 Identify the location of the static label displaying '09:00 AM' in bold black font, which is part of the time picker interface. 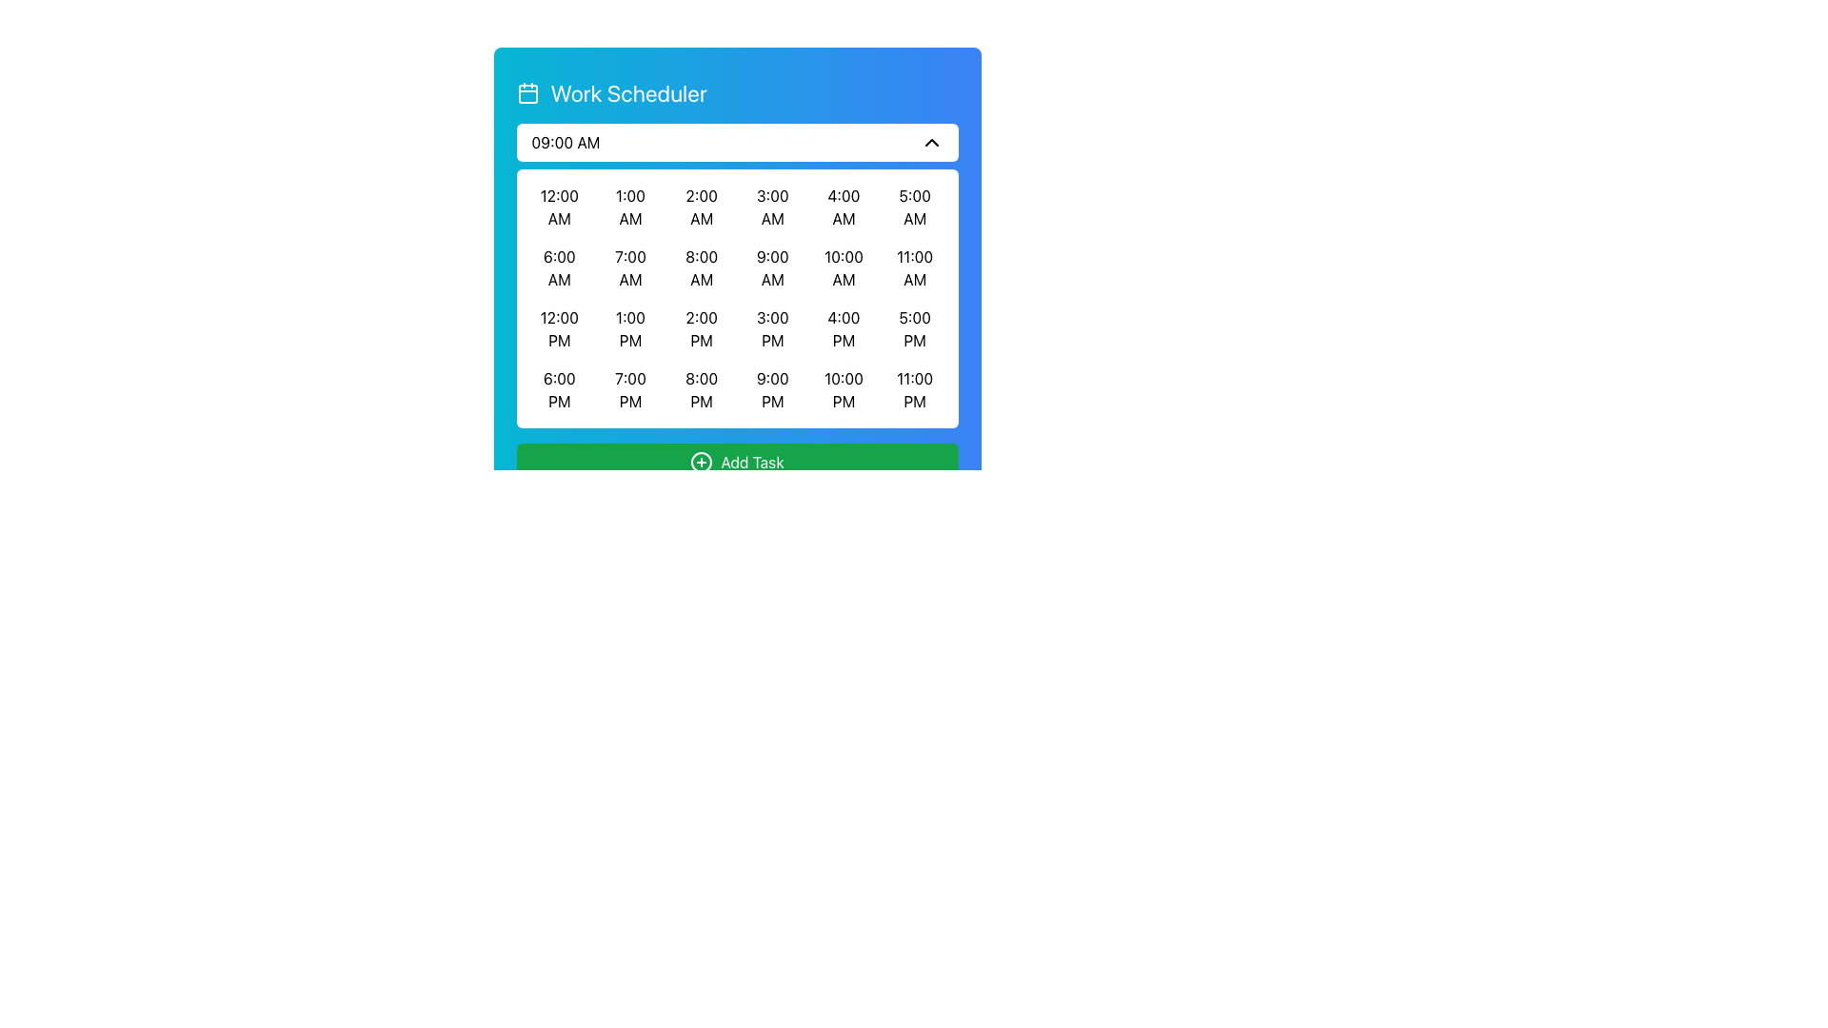
(565, 142).